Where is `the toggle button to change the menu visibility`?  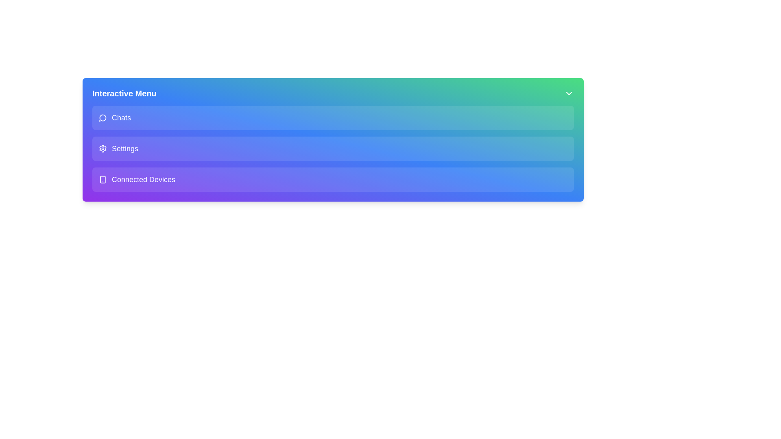 the toggle button to change the menu visibility is located at coordinates (568, 93).